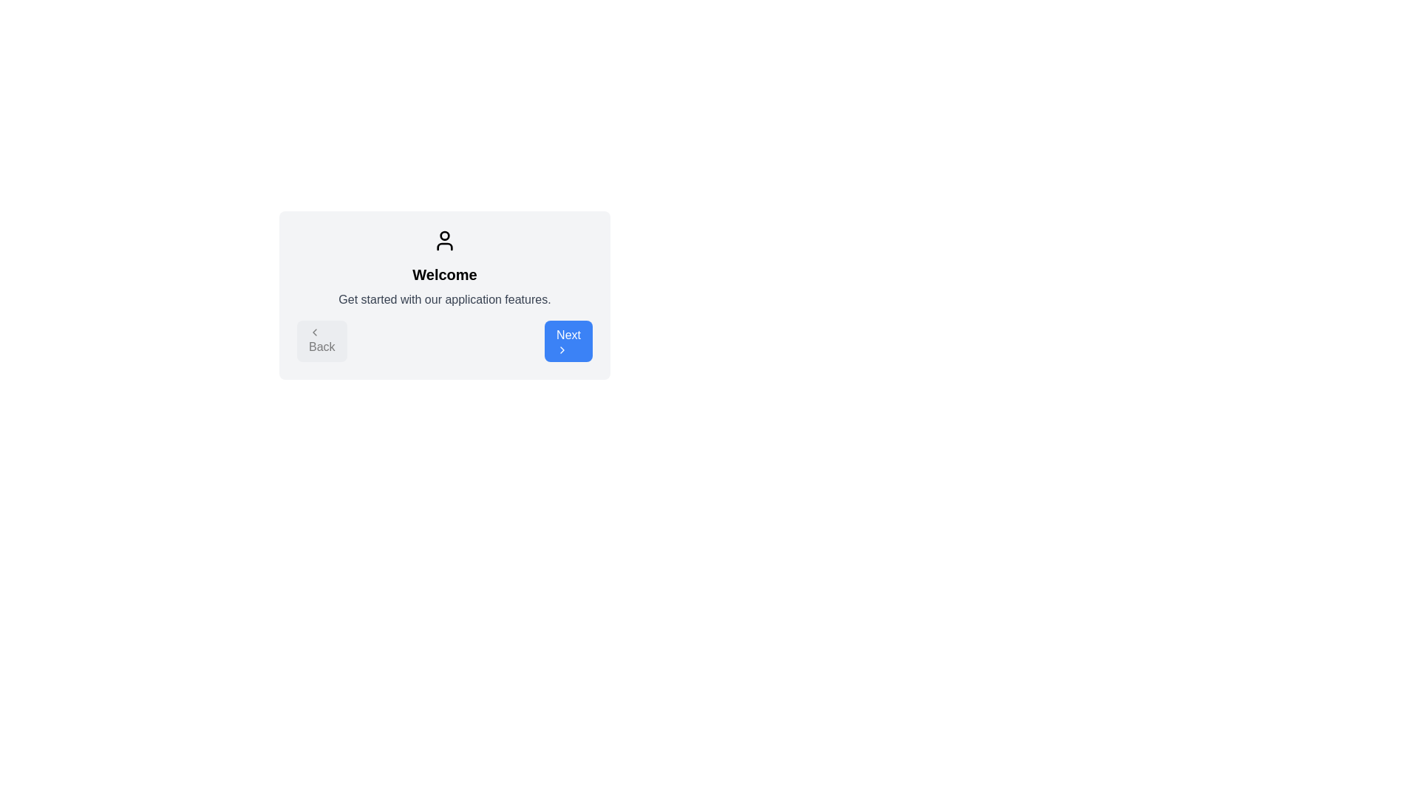 This screenshot has height=798, width=1419. What do you see at coordinates (443, 235) in the screenshot?
I see `the SVG Circle Element representing the head of a user icon, which is positioned above the text 'Welcome' in the central card` at bounding box center [443, 235].